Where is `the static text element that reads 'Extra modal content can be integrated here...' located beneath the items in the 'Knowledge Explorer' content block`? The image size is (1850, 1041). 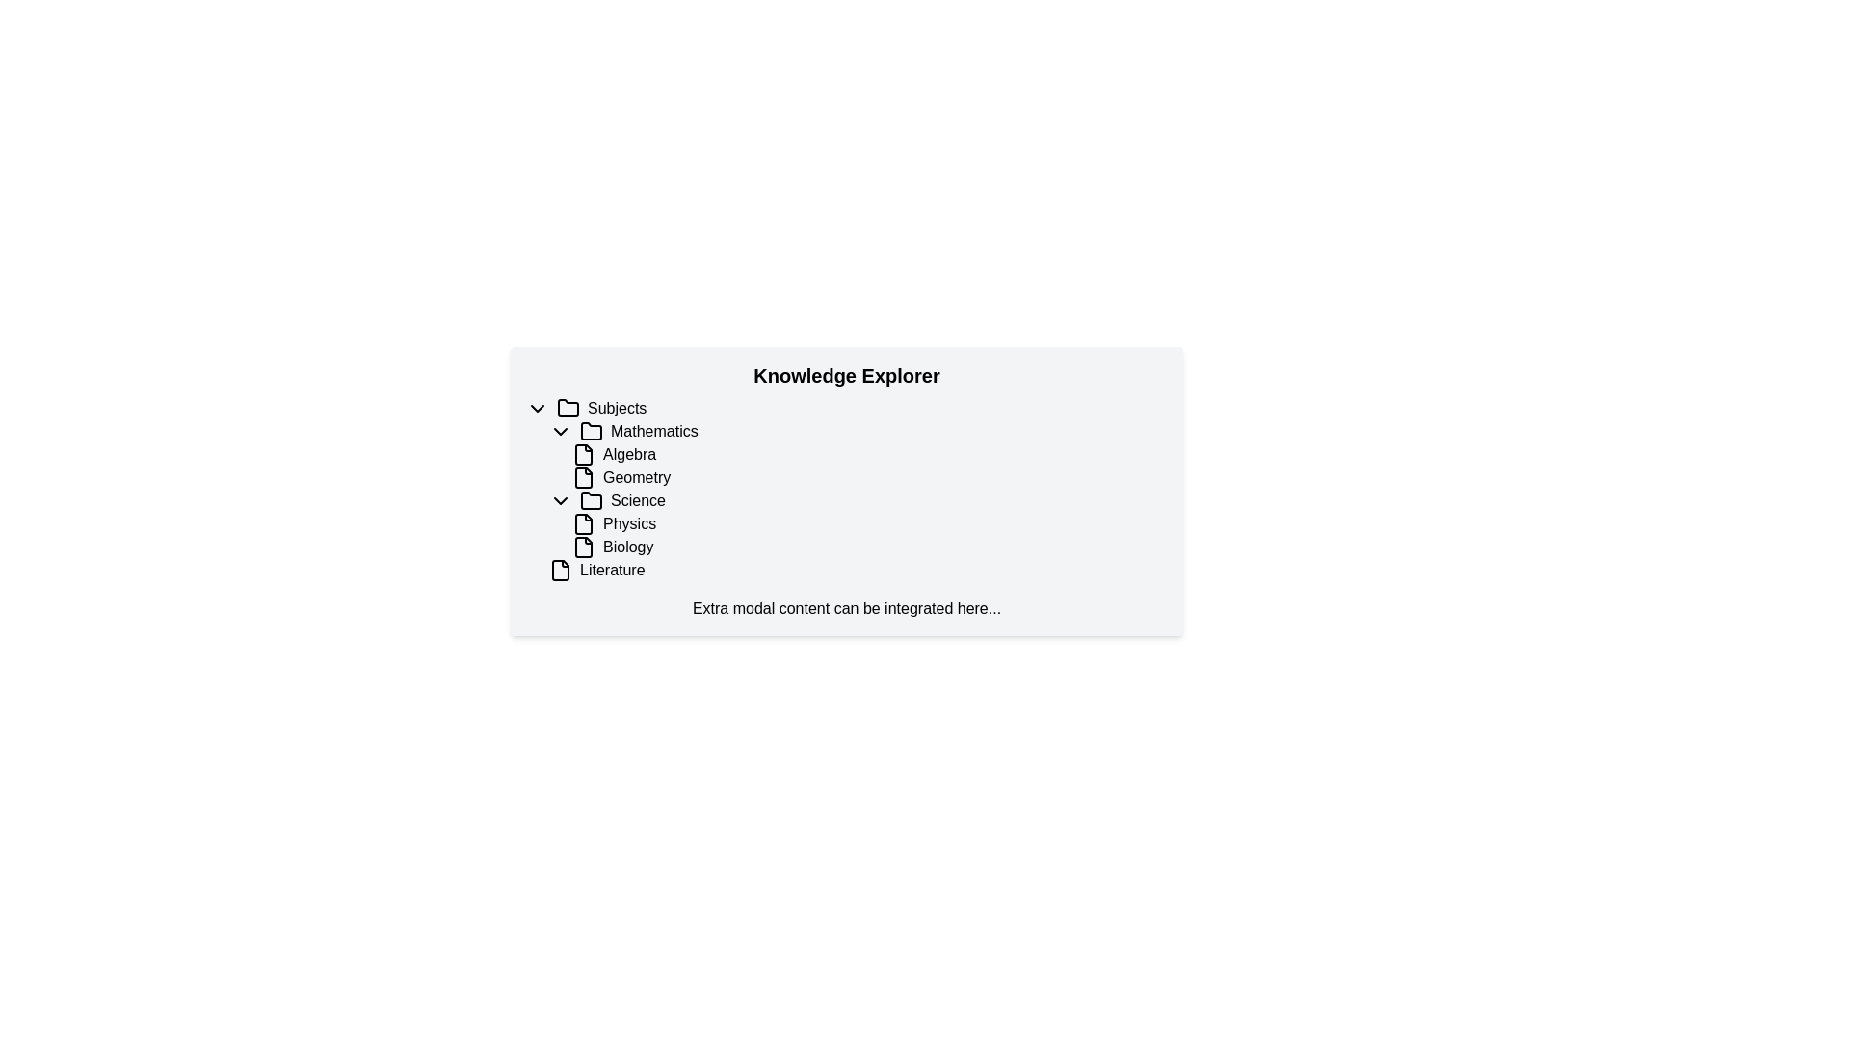 the static text element that reads 'Extra modal content can be integrated here...' located beneath the items in the 'Knowledge Explorer' content block is located at coordinates (846, 609).